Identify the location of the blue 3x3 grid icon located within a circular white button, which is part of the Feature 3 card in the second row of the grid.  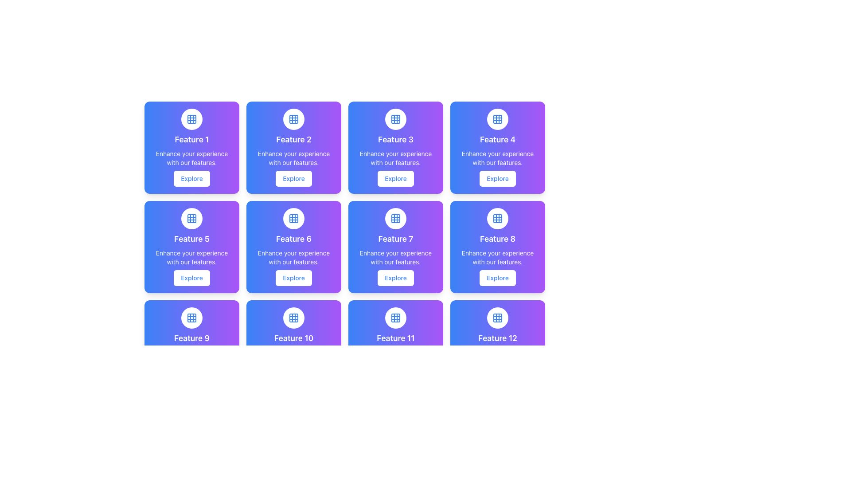
(395, 119).